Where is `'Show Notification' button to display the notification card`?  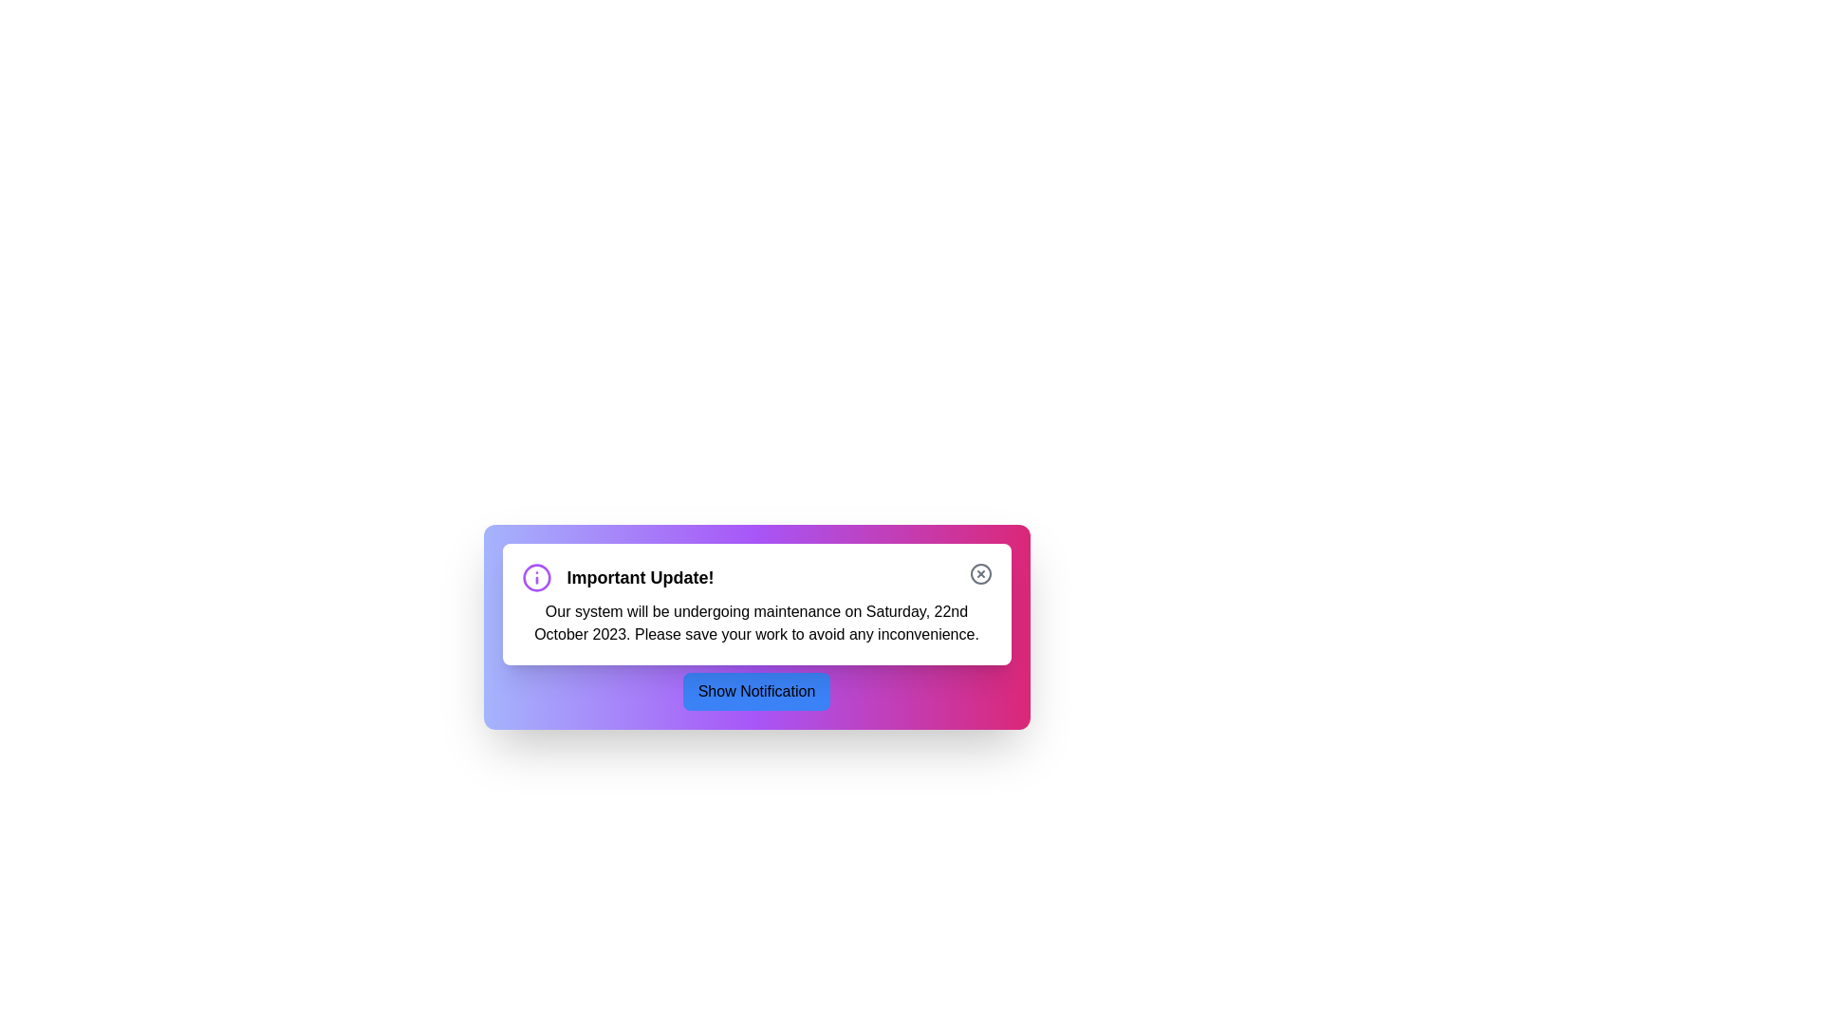 'Show Notification' button to display the notification card is located at coordinates (755, 692).